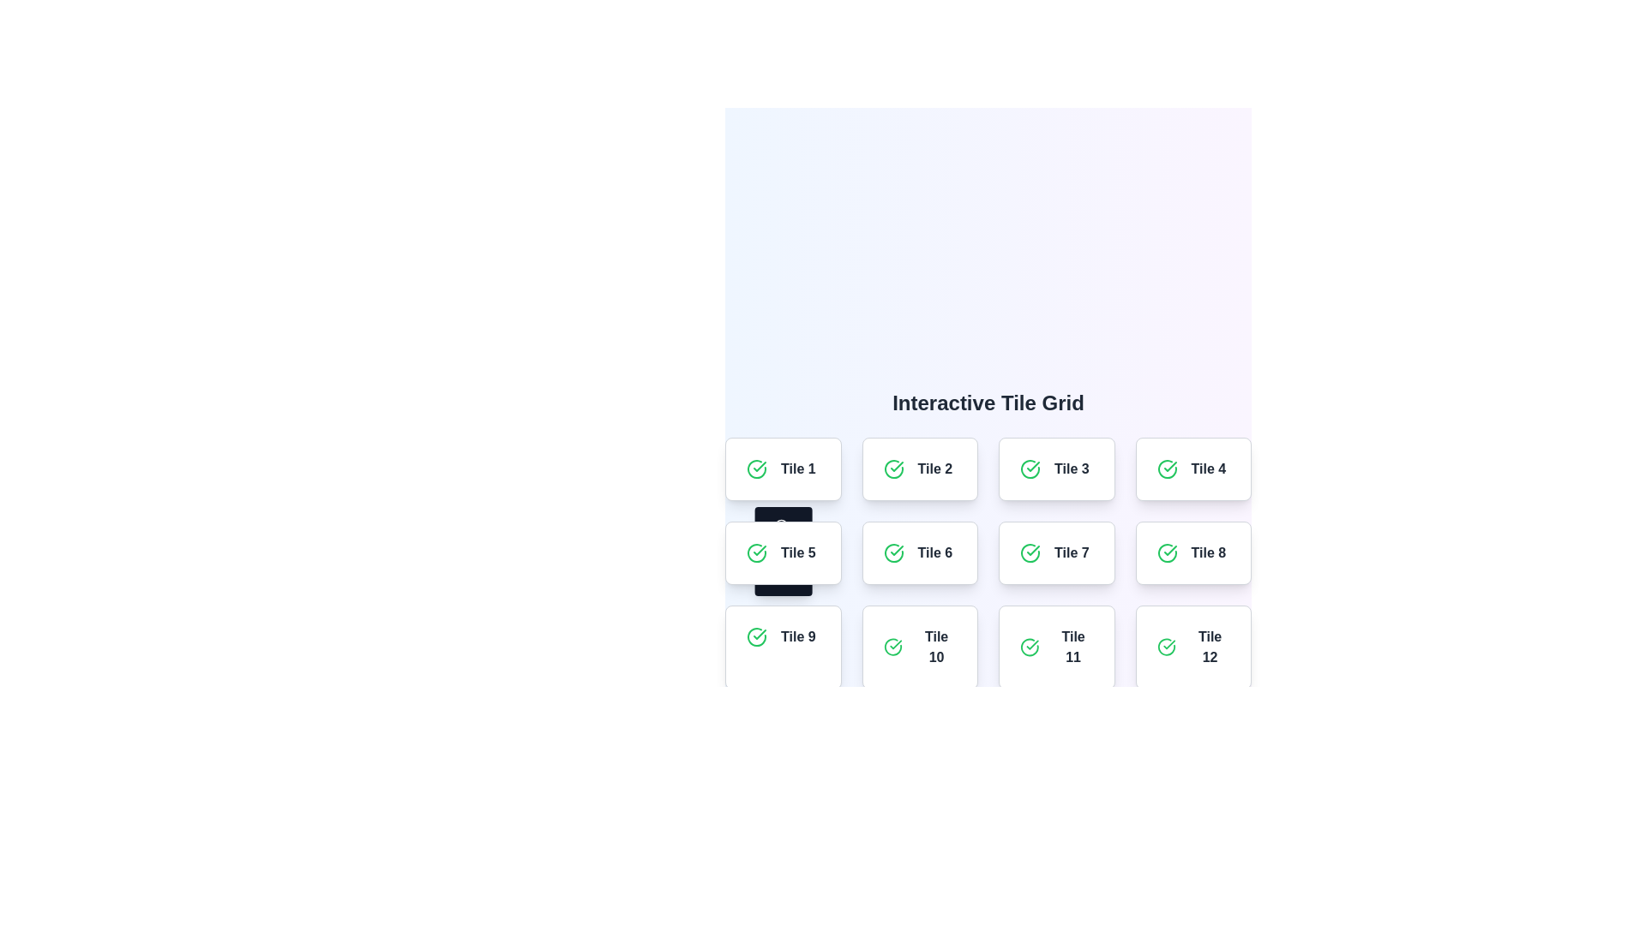 This screenshot has height=925, width=1646. Describe the element at coordinates (1168, 466) in the screenshot. I see `the green check mark icon within the circular graphic located in the top-left corner of Tile 1` at that location.